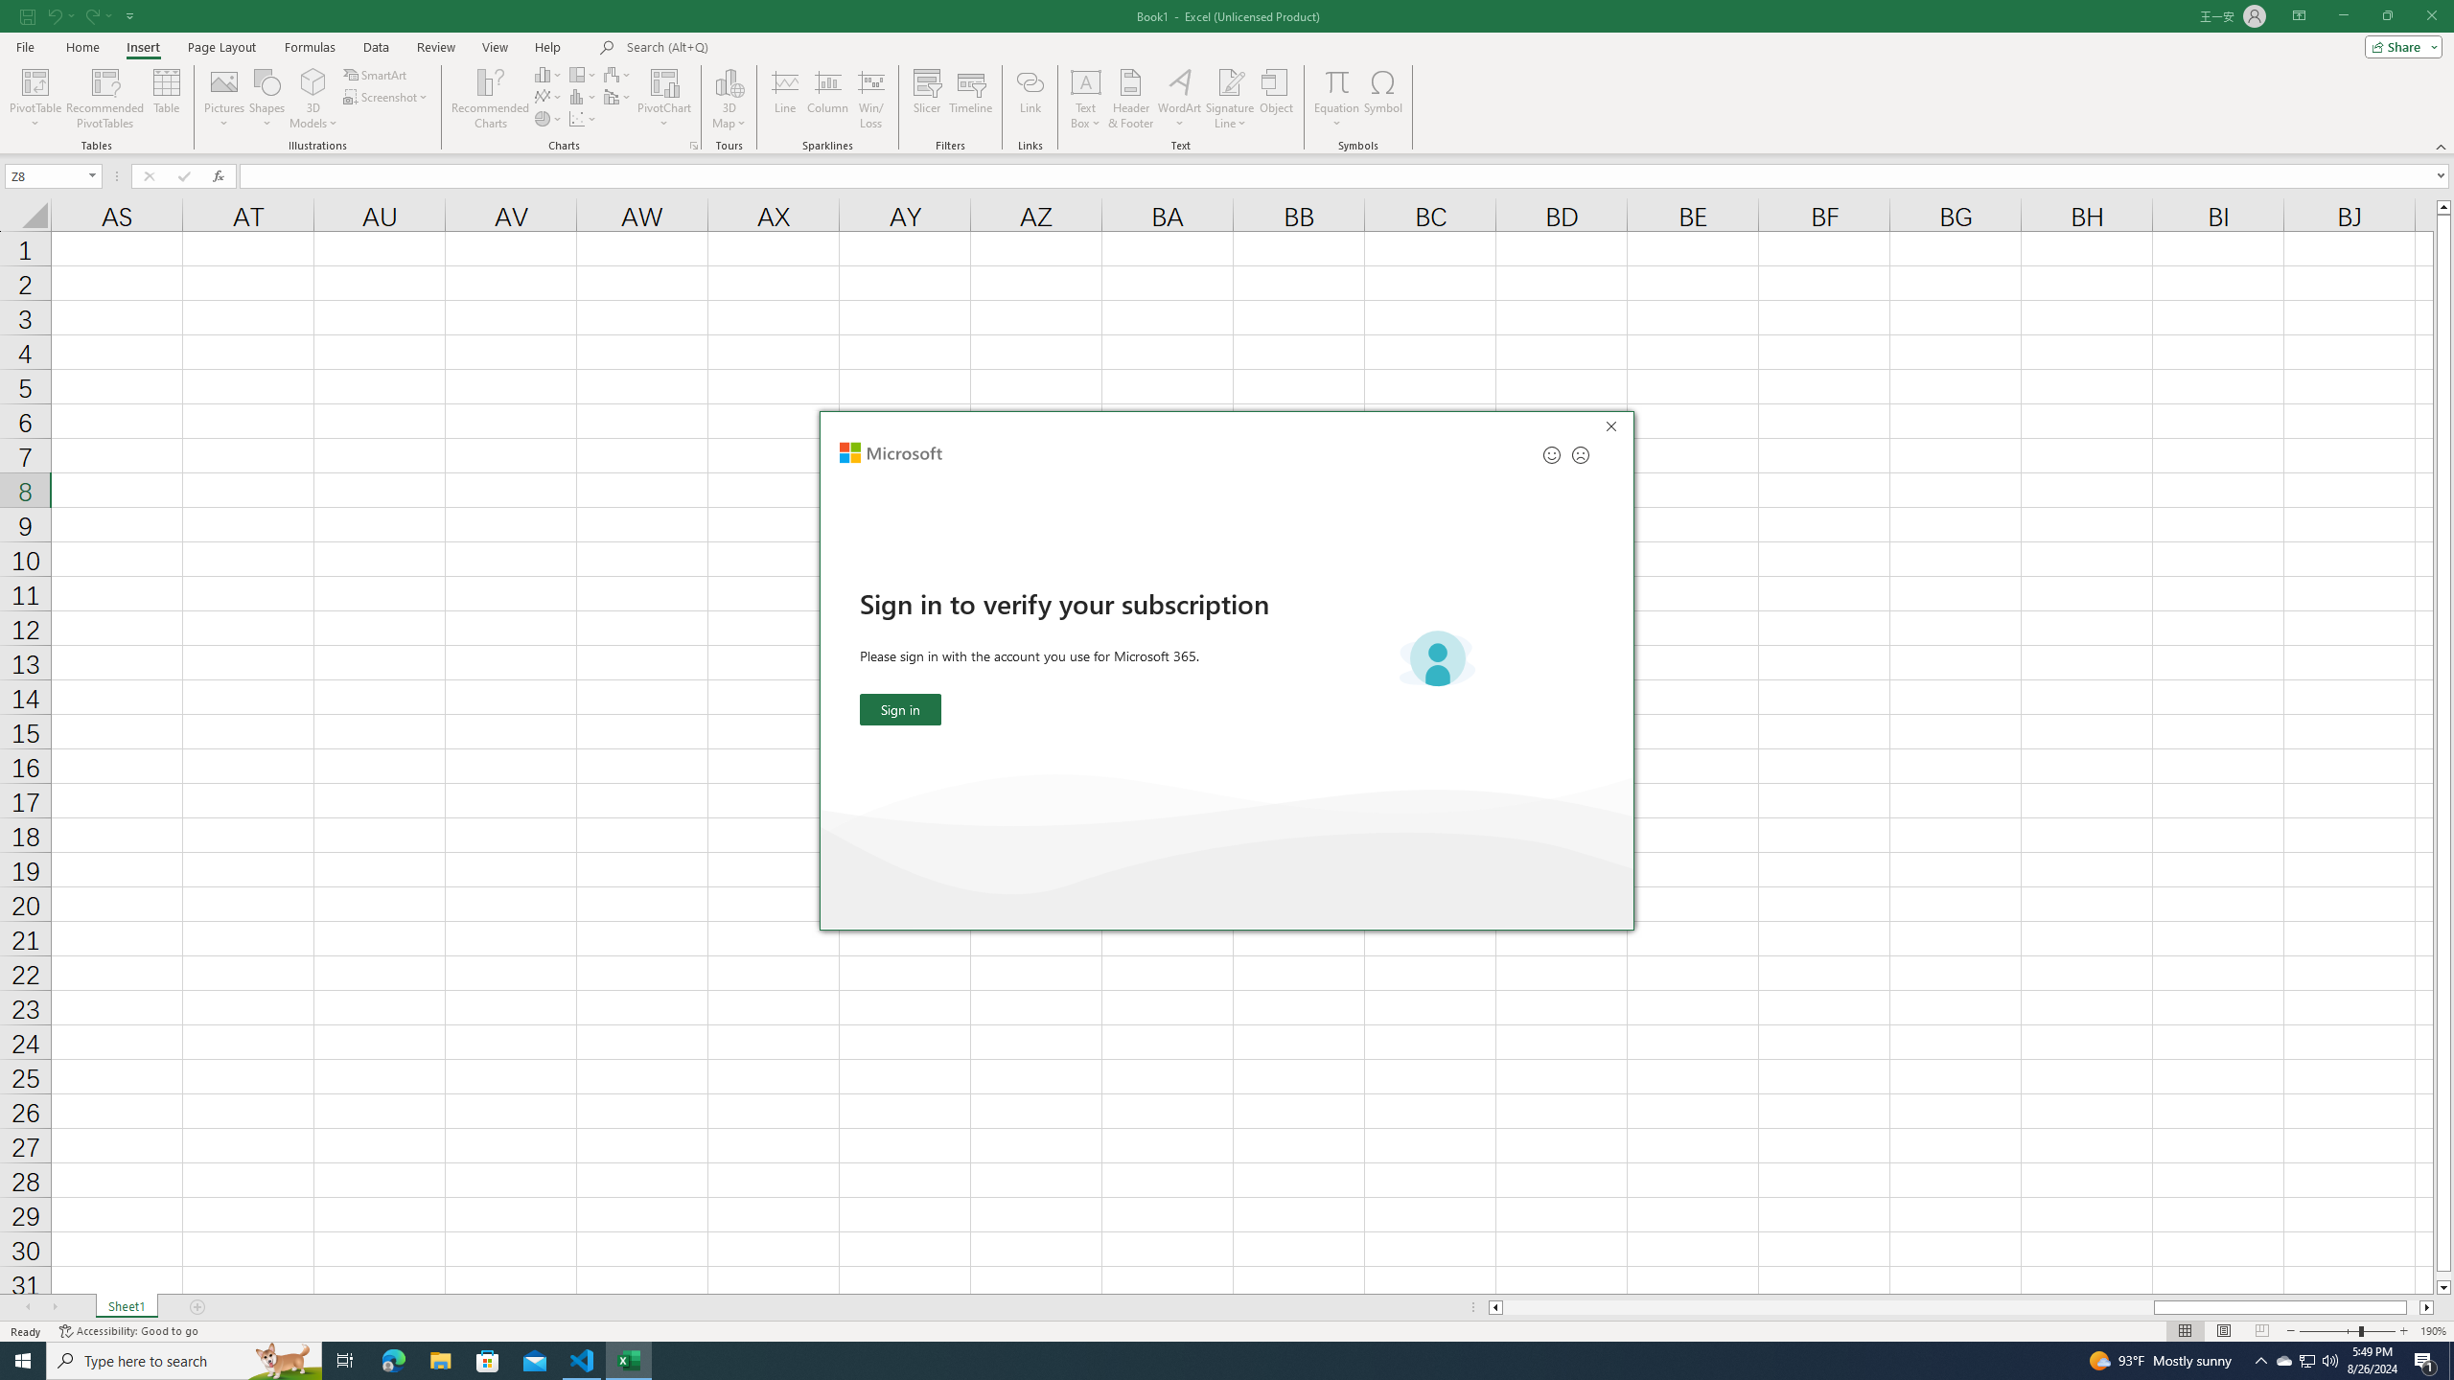  What do you see at coordinates (1030, 99) in the screenshot?
I see `'Link'` at bounding box center [1030, 99].